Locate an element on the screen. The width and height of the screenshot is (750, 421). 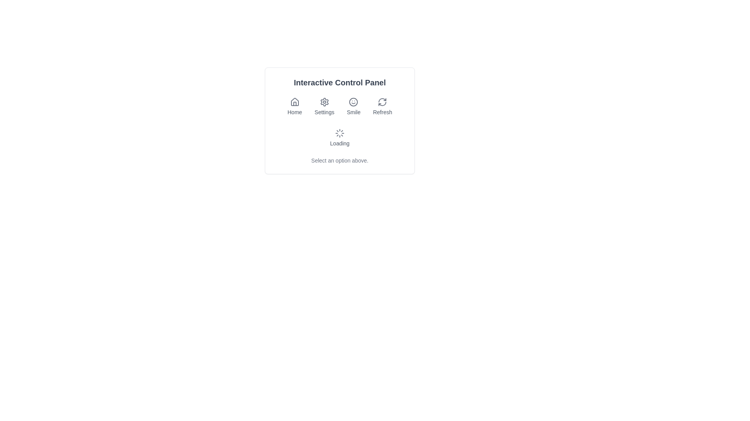
the circular decorative element within the smiley-face icon, which is part of the 'Smile' option in the control panel is located at coordinates (353, 102).